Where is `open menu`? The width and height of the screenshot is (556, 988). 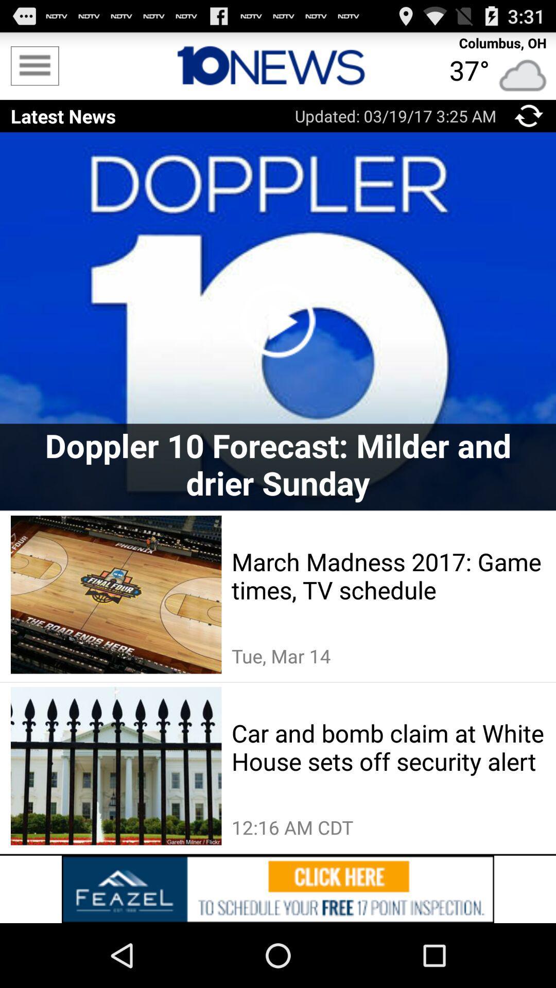 open menu is located at coordinates (34, 65).